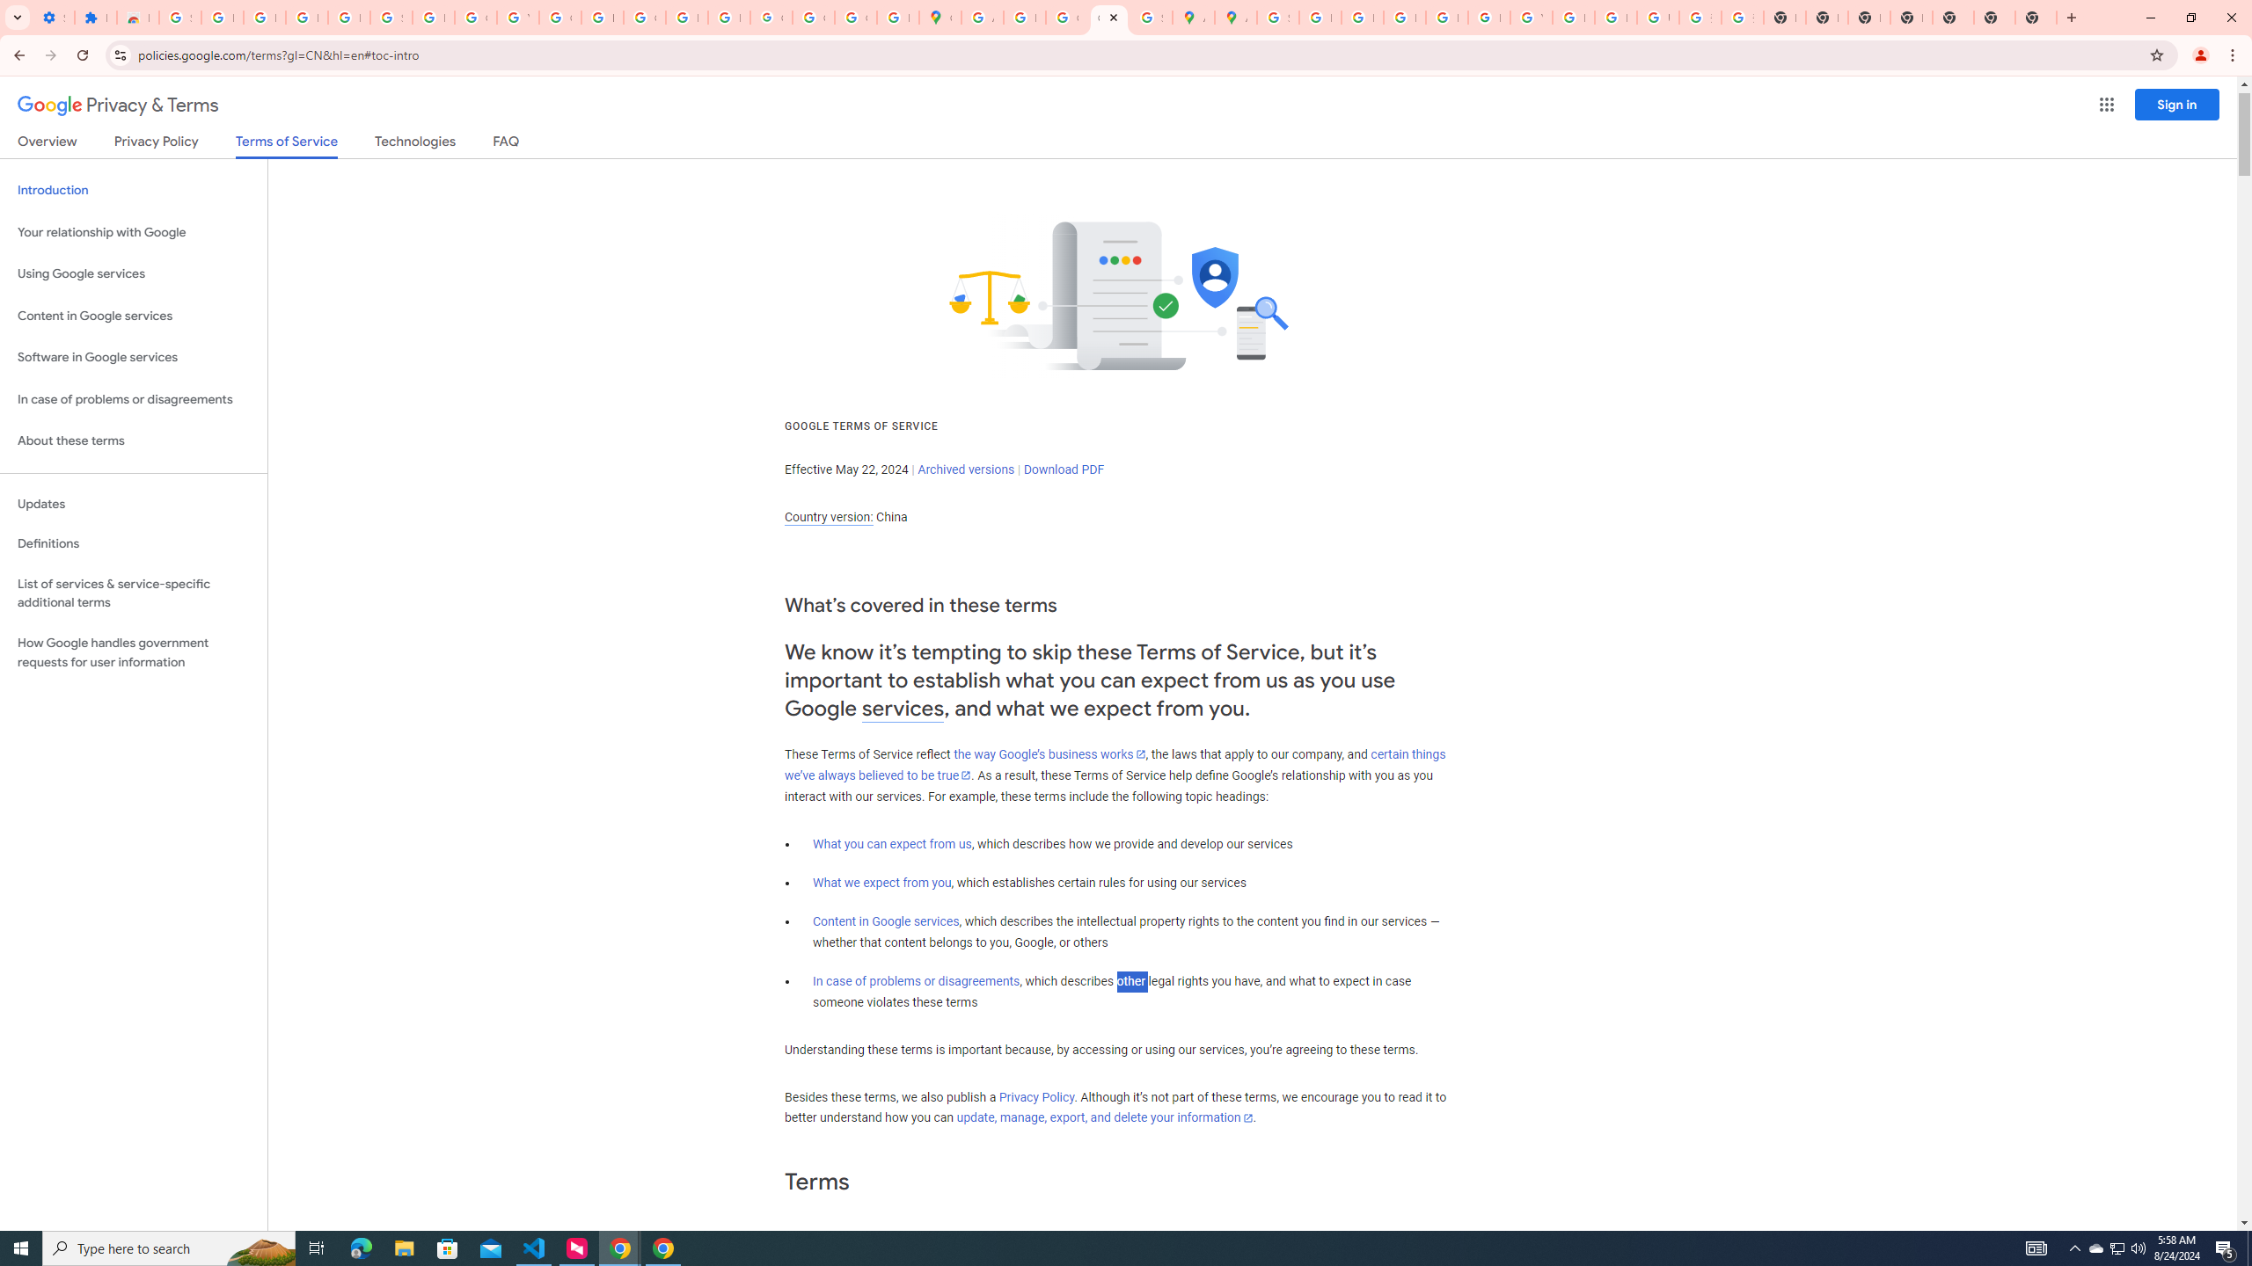 This screenshot has height=1266, width=2252. What do you see at coordinates (133, 593) in the screenshot?
I see `'List of services & service-specific additional terms'` at bounding box center [133, 593].